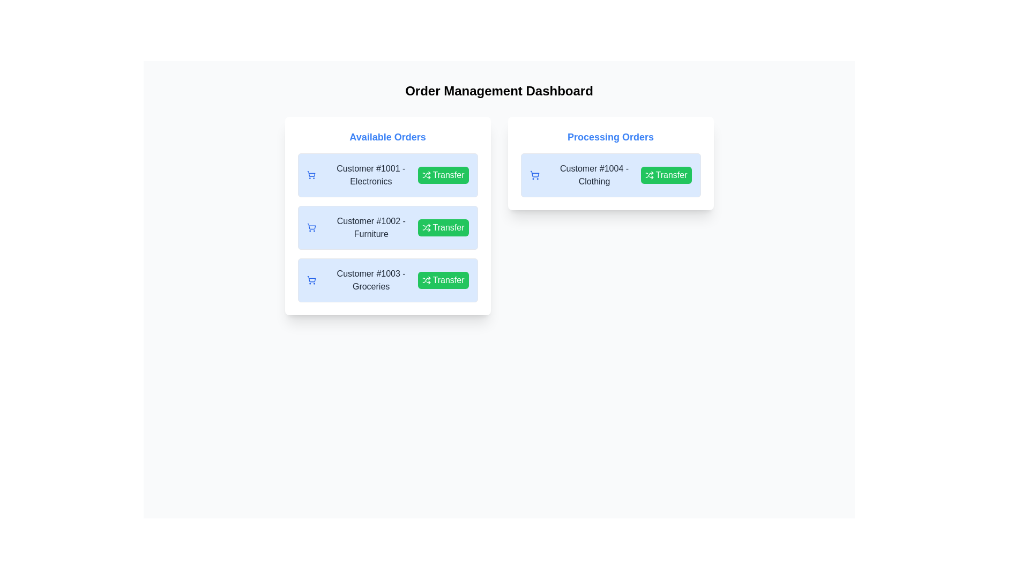 The width and height of the screenshot is (1029, 579). What do you see at coordinates (648, 175) in the screenshot?
I see `the rightmost shuffle icon contained within the green 'Transfer' button in the 'Processing Orders' section for 'Customer #1004 - Clothing'` at bounding box center [648, 175].